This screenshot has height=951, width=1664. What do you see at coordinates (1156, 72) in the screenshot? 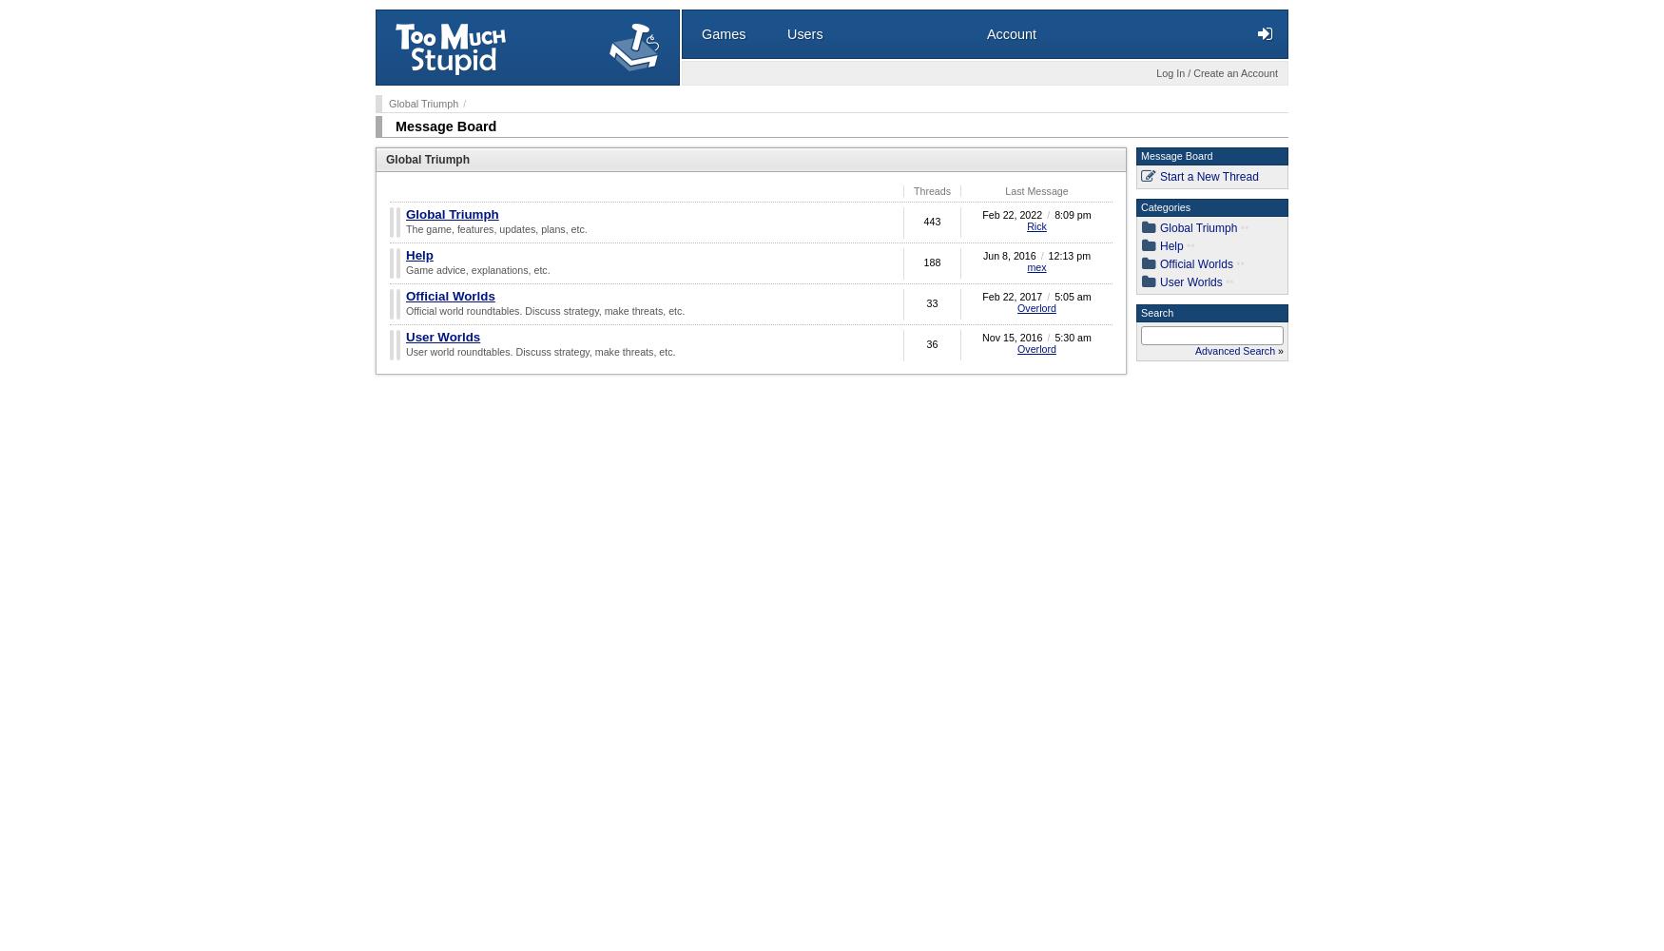
I see `'Log In / Create an Account'` at bounding box center [1156, 72].